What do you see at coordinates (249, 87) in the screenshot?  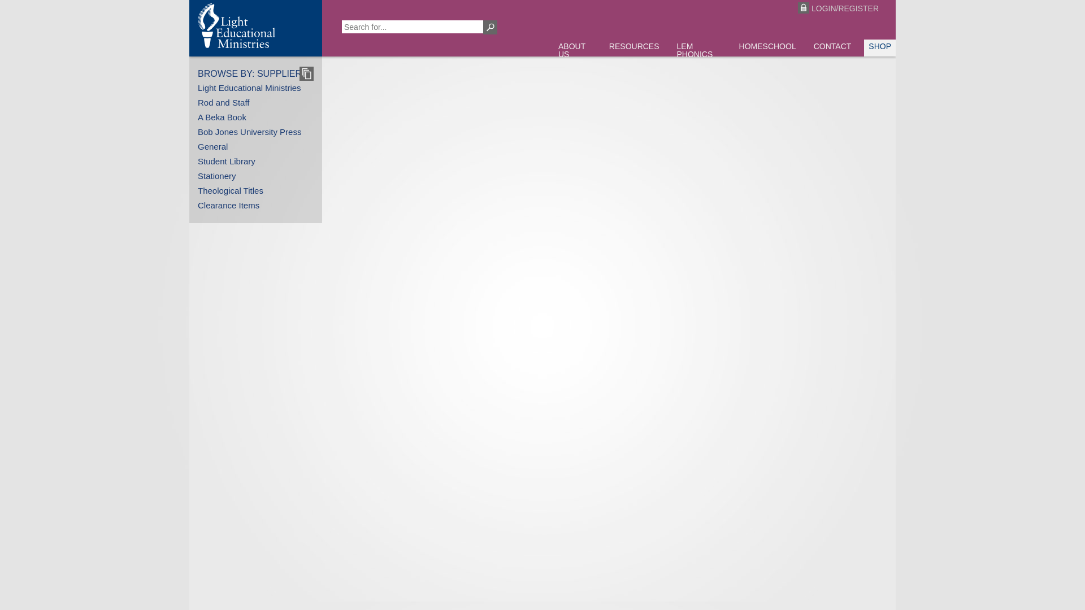 I see `'Light Educational Ministries'` at bounding box center [249, 87].